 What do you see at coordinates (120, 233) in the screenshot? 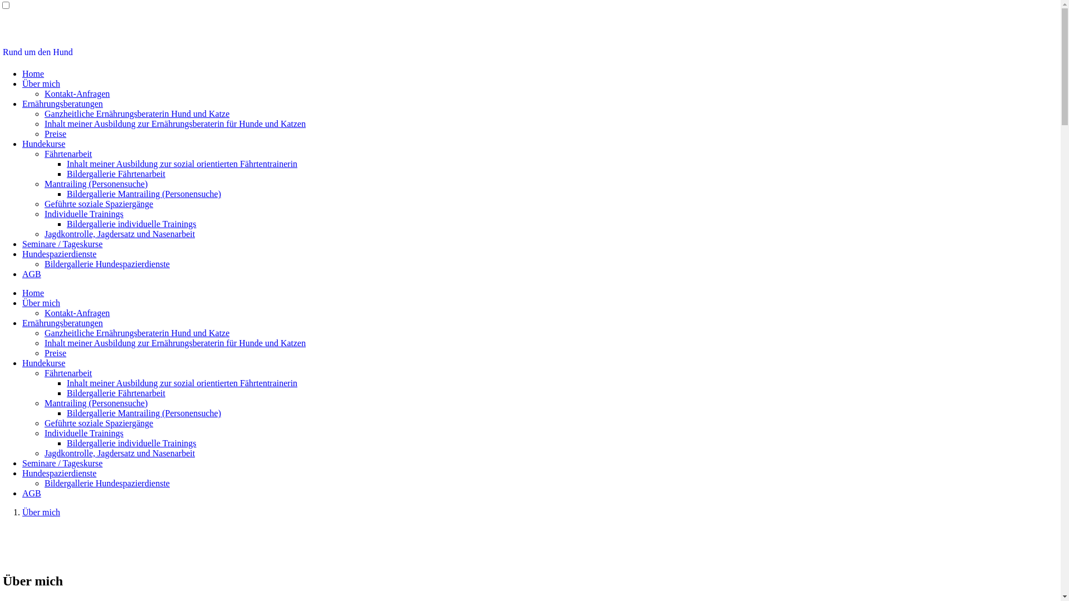
I see `'Jagdkontrolle, Jagdersatz und Nasenarbeit'` at bounding box center [120, 233].